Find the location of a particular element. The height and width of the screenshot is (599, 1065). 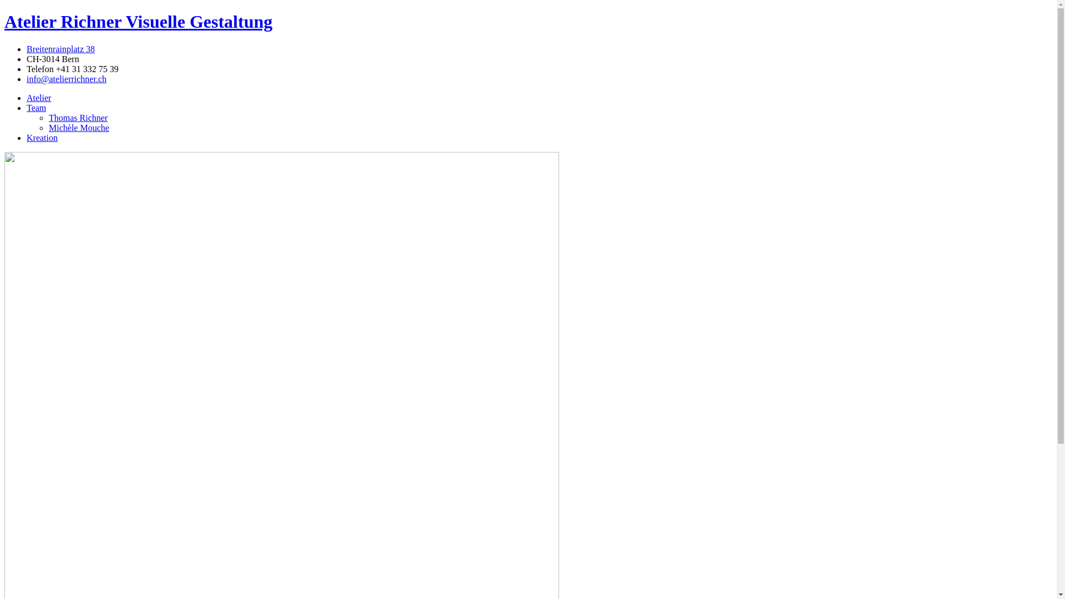

'Team' is located at coordinates (36, 108).